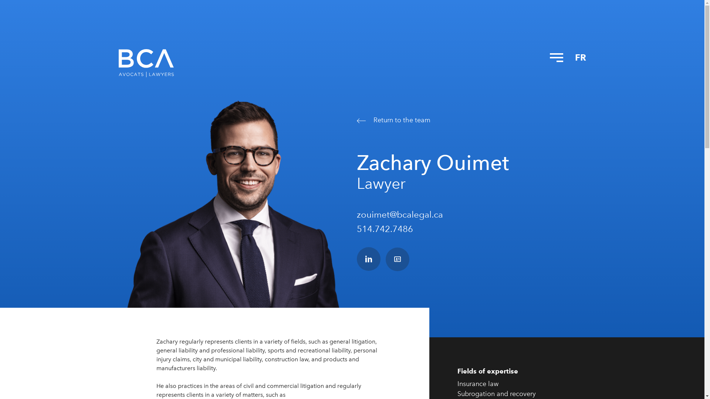 This screenshot has height=399, width=710. What do you see at coordinates (580, 57) in the screenshot?
I see `'FR'` at bounding box center [580, 57].